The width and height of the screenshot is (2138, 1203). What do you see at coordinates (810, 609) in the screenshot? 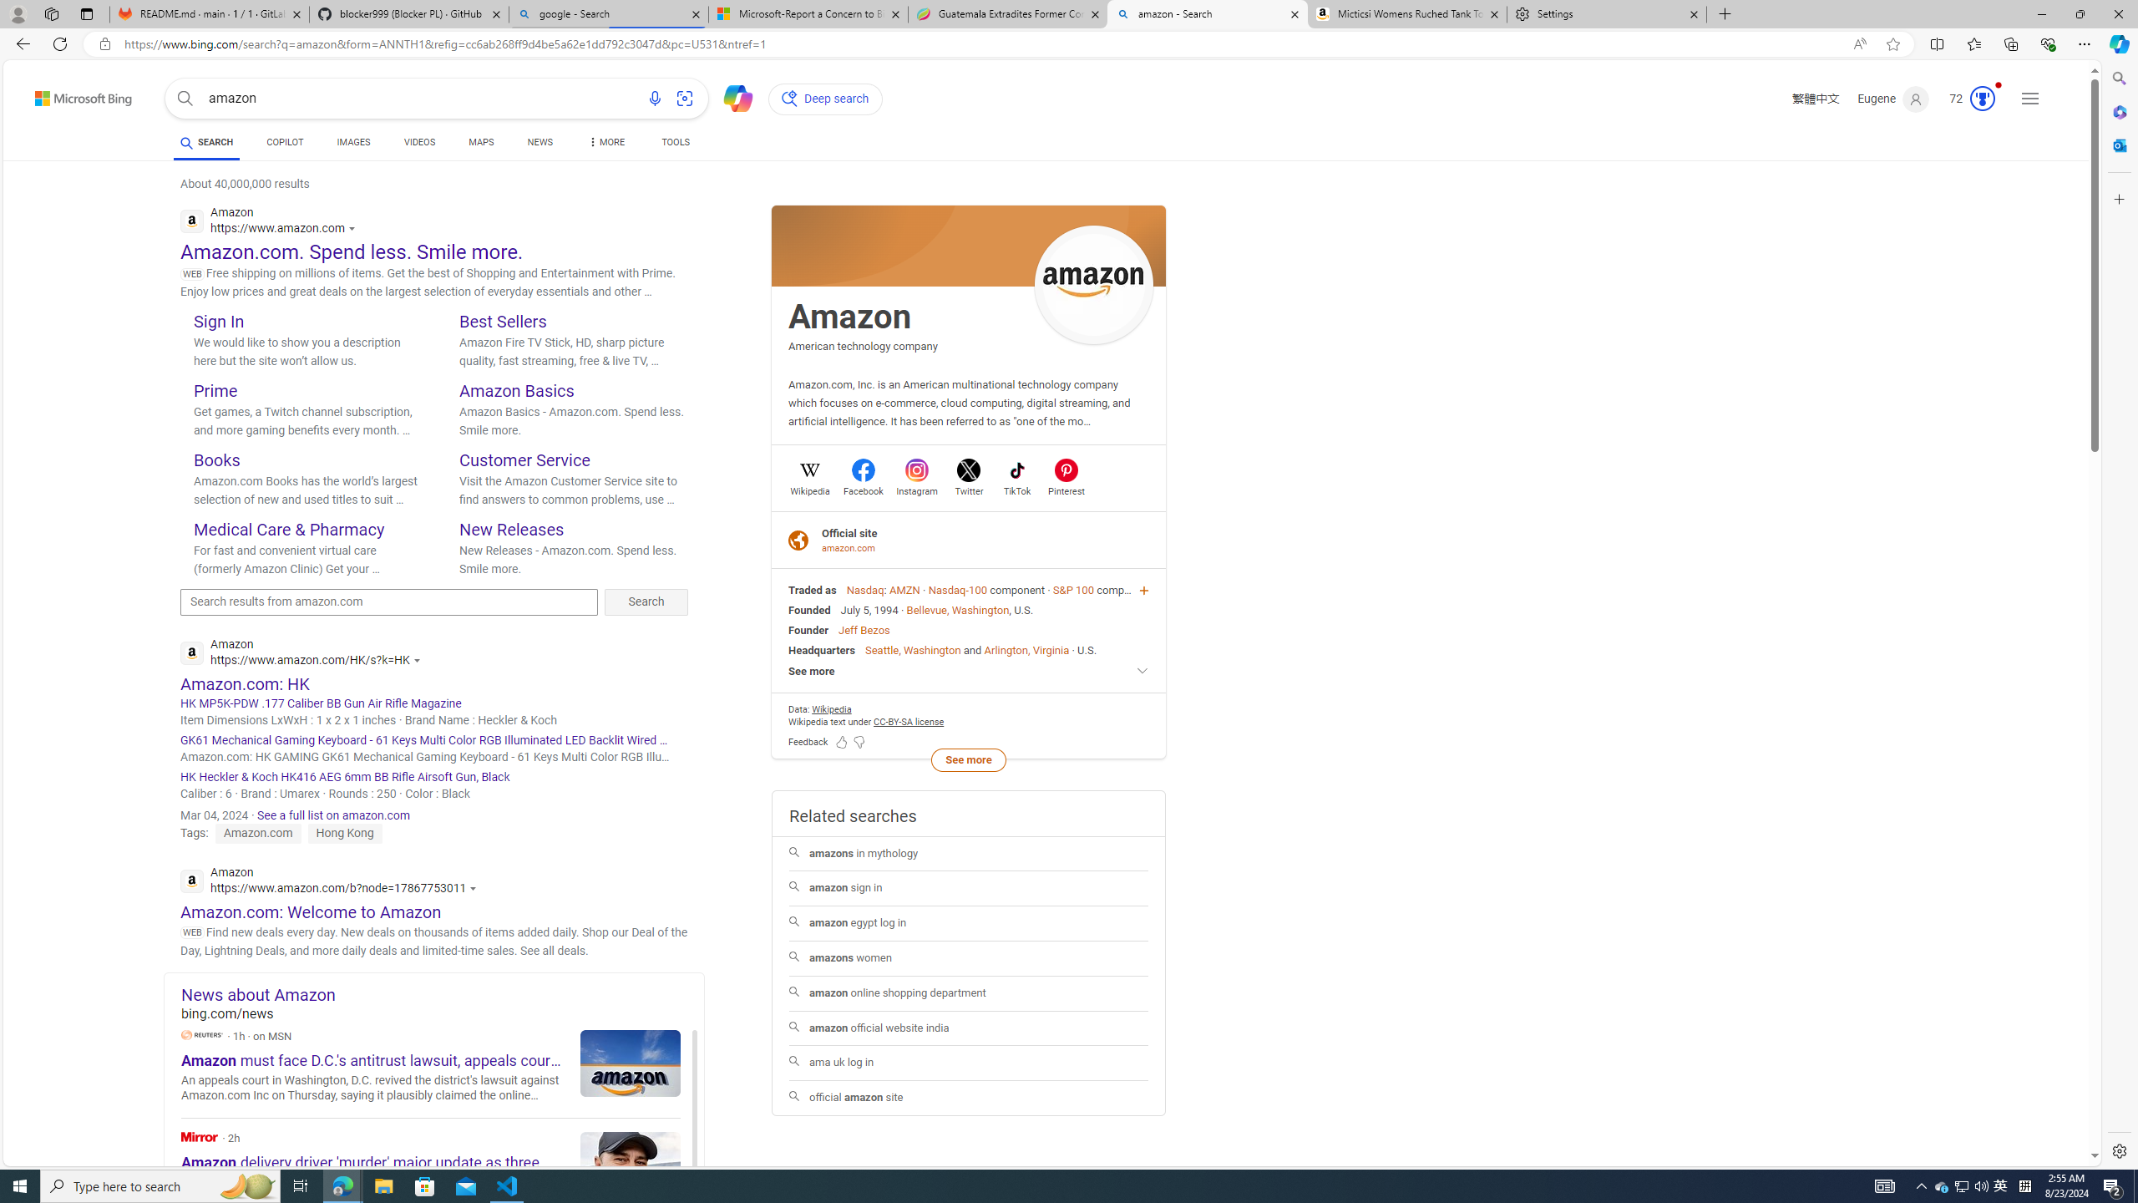
I see `'Founded'` at bounding box center [810, 609].